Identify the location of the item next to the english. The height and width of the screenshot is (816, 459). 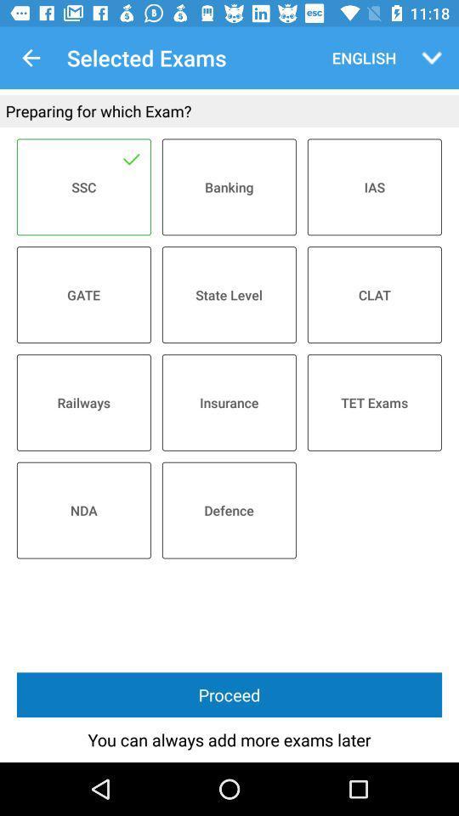
(432, 58).